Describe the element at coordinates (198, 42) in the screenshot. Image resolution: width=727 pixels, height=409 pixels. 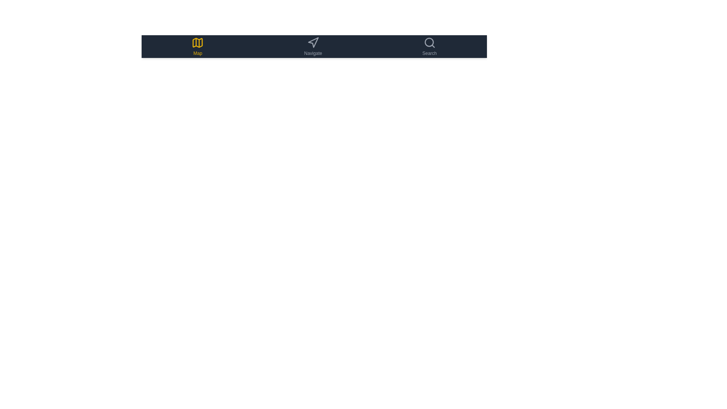
I see `the main body of the map icon, which is styled with a yellow outline and located` at that location.